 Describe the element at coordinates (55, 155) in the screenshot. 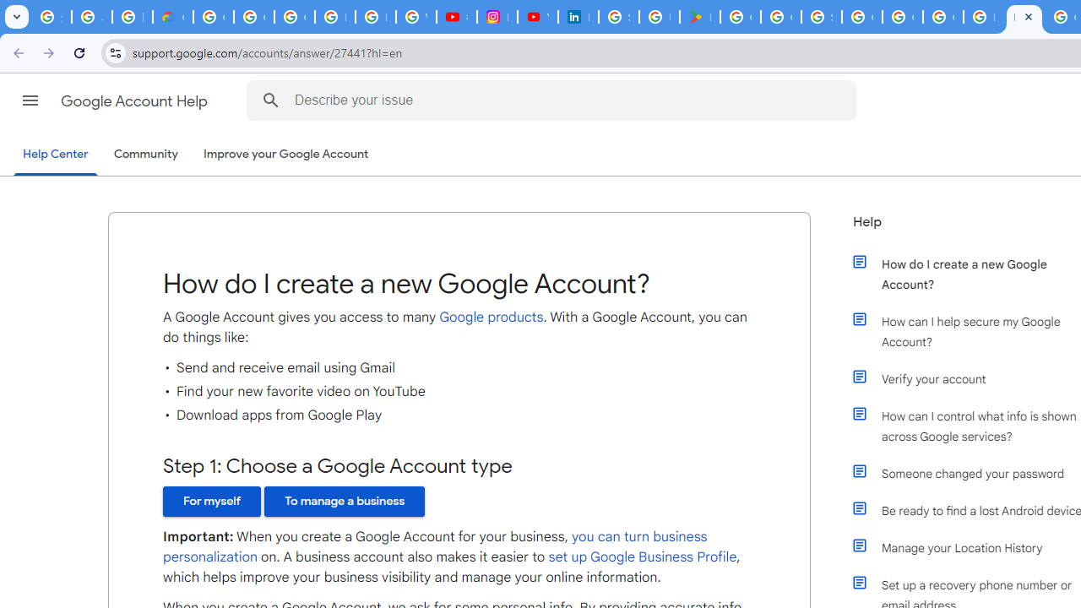

I see `'Help Center'` at that location.